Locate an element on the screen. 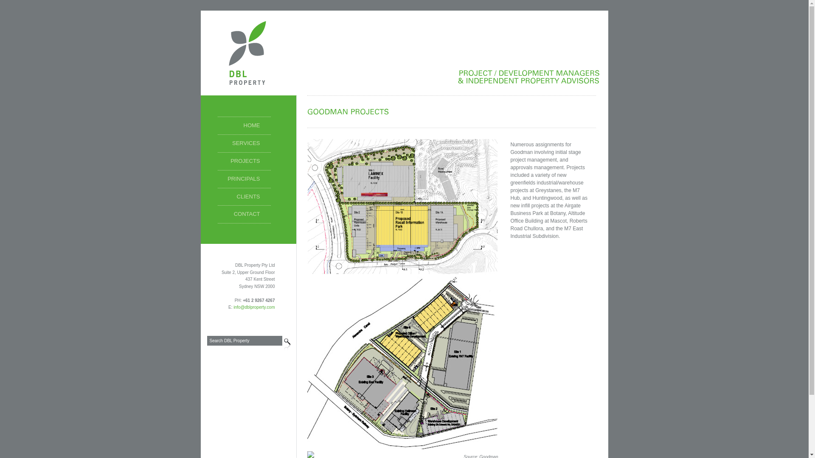 The height and width of the screenshot is (458, 815). 'info@dblproperty.com' is located at coordinates (233, 307).